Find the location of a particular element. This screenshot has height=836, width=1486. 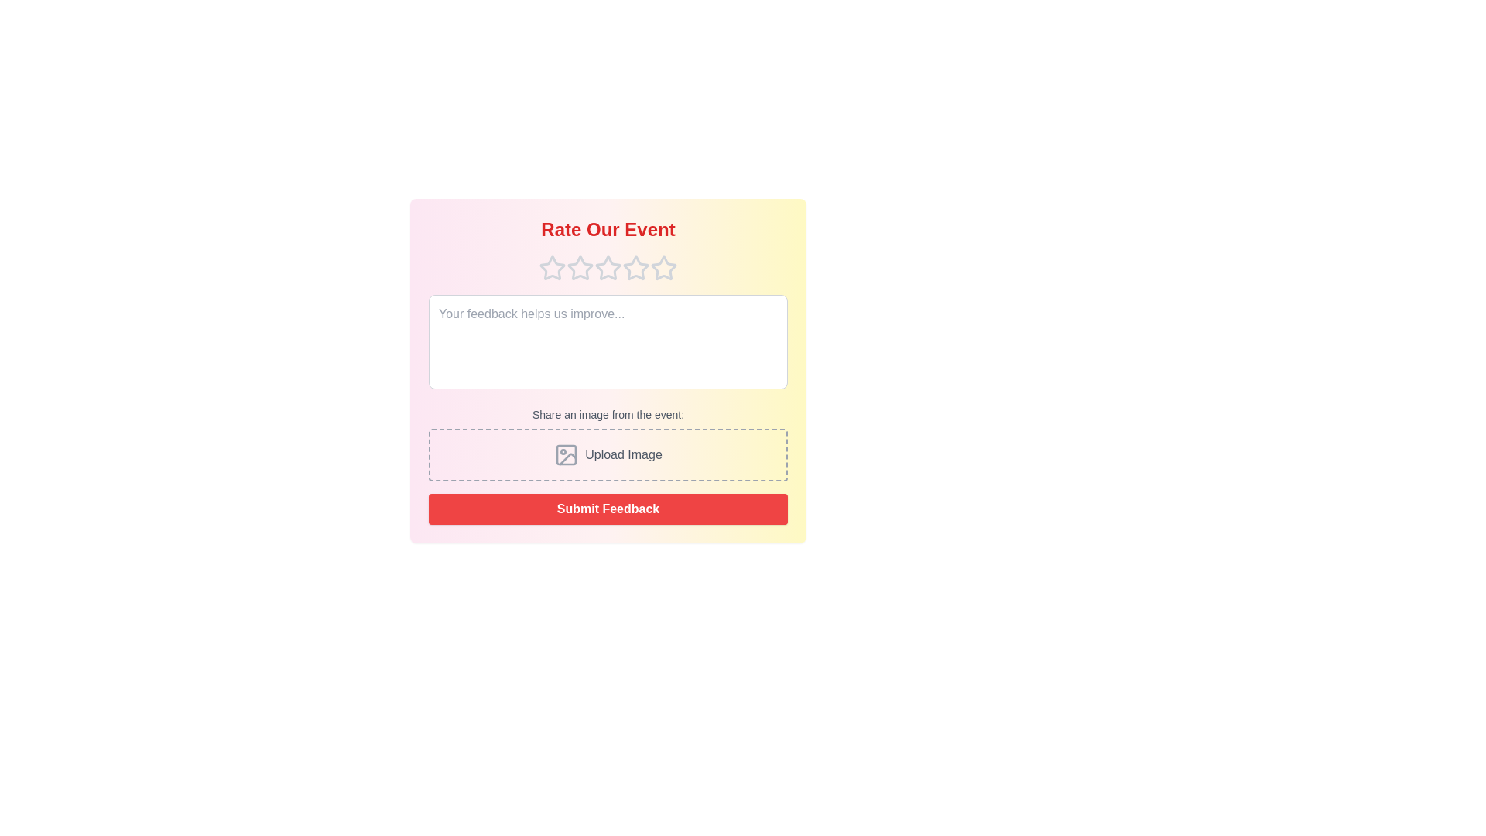

the 'Submit Feedback' button to submit the feedback is located at coordinates (608, 509).